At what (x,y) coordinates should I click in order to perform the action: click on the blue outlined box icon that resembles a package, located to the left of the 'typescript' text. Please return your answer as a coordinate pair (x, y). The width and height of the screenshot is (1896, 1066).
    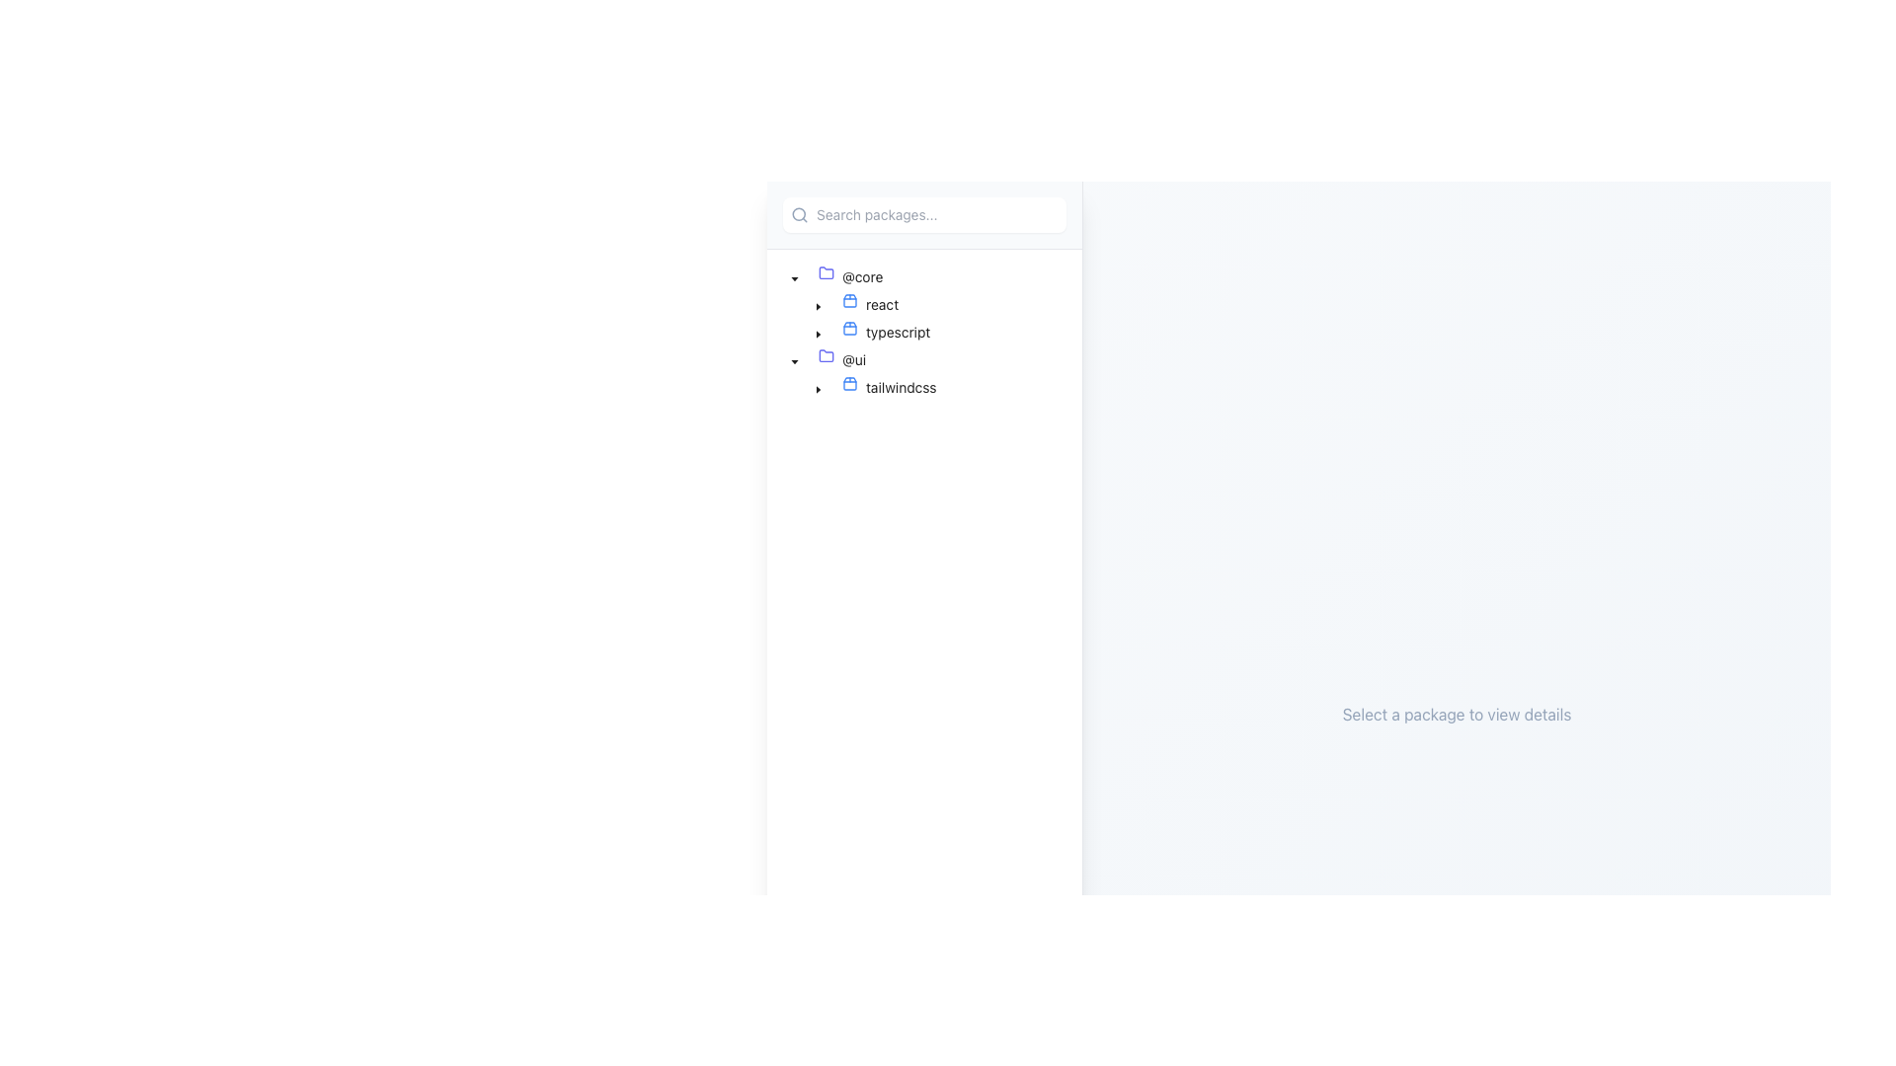
    Looking at the image, I should click on (849, 327).